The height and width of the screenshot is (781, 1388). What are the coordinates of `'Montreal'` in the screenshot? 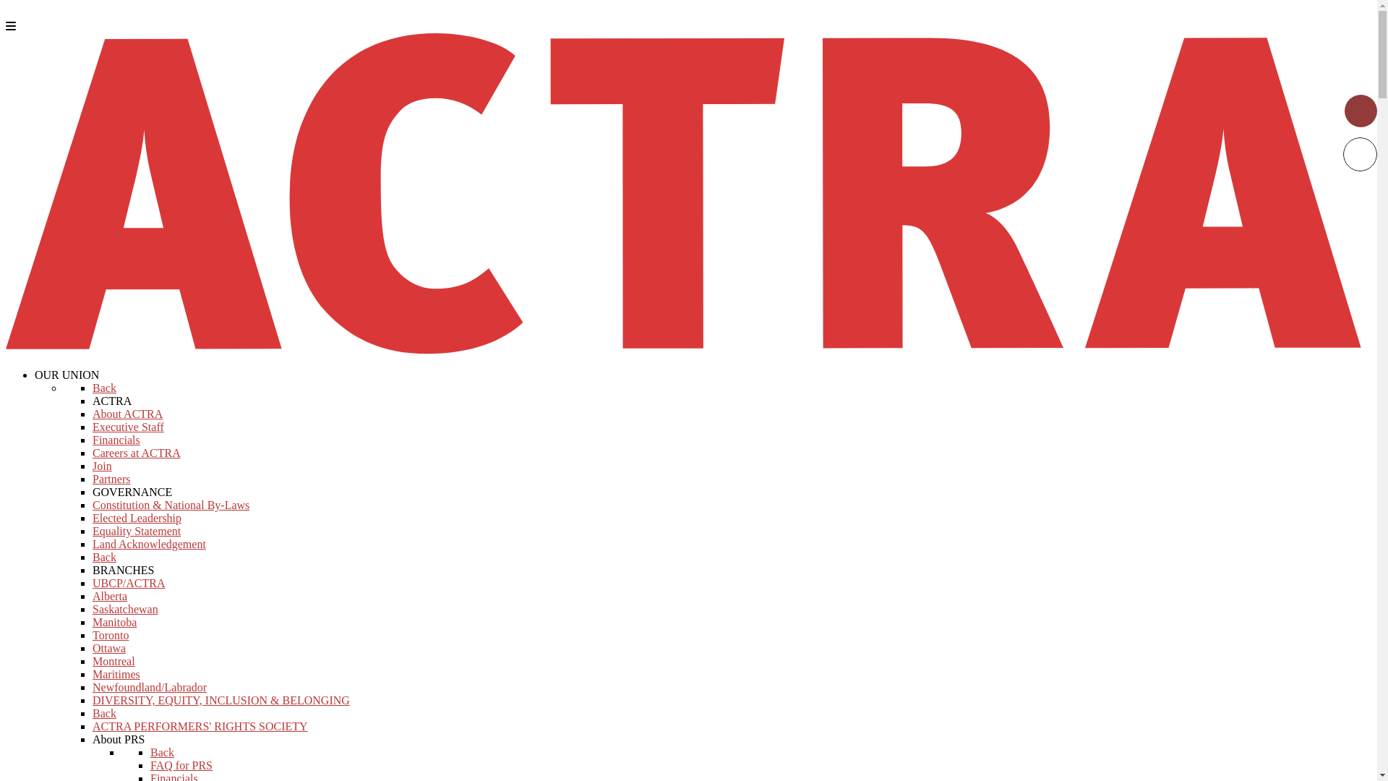 It's located at (92, 661).